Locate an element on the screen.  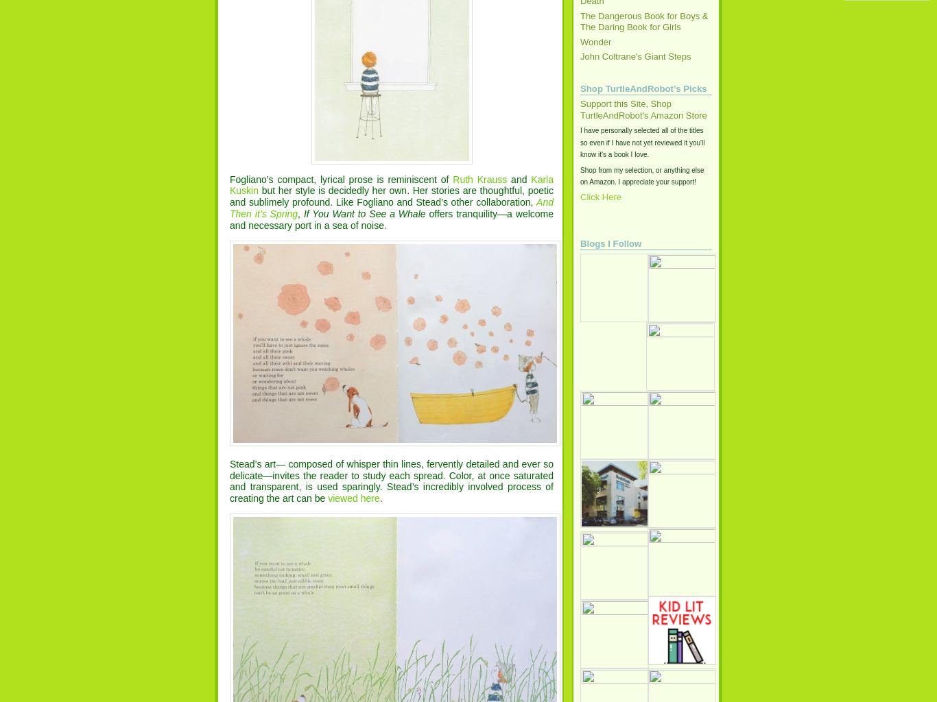
'offers tranquility—a welcome and necessary port in a sea of noise.' is located at coordinates (229, 218).